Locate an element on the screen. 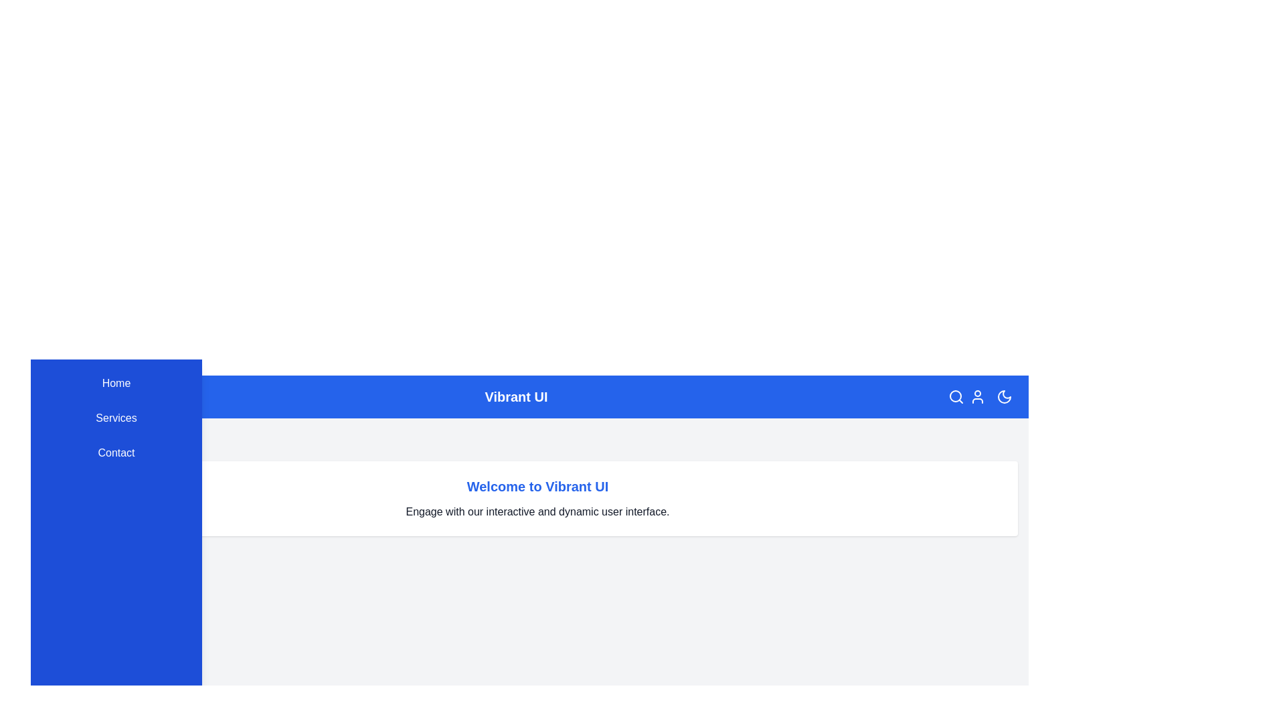  the dark mode toggle button in the top-right corner of the app bar is located at coordinates (1005, 396).